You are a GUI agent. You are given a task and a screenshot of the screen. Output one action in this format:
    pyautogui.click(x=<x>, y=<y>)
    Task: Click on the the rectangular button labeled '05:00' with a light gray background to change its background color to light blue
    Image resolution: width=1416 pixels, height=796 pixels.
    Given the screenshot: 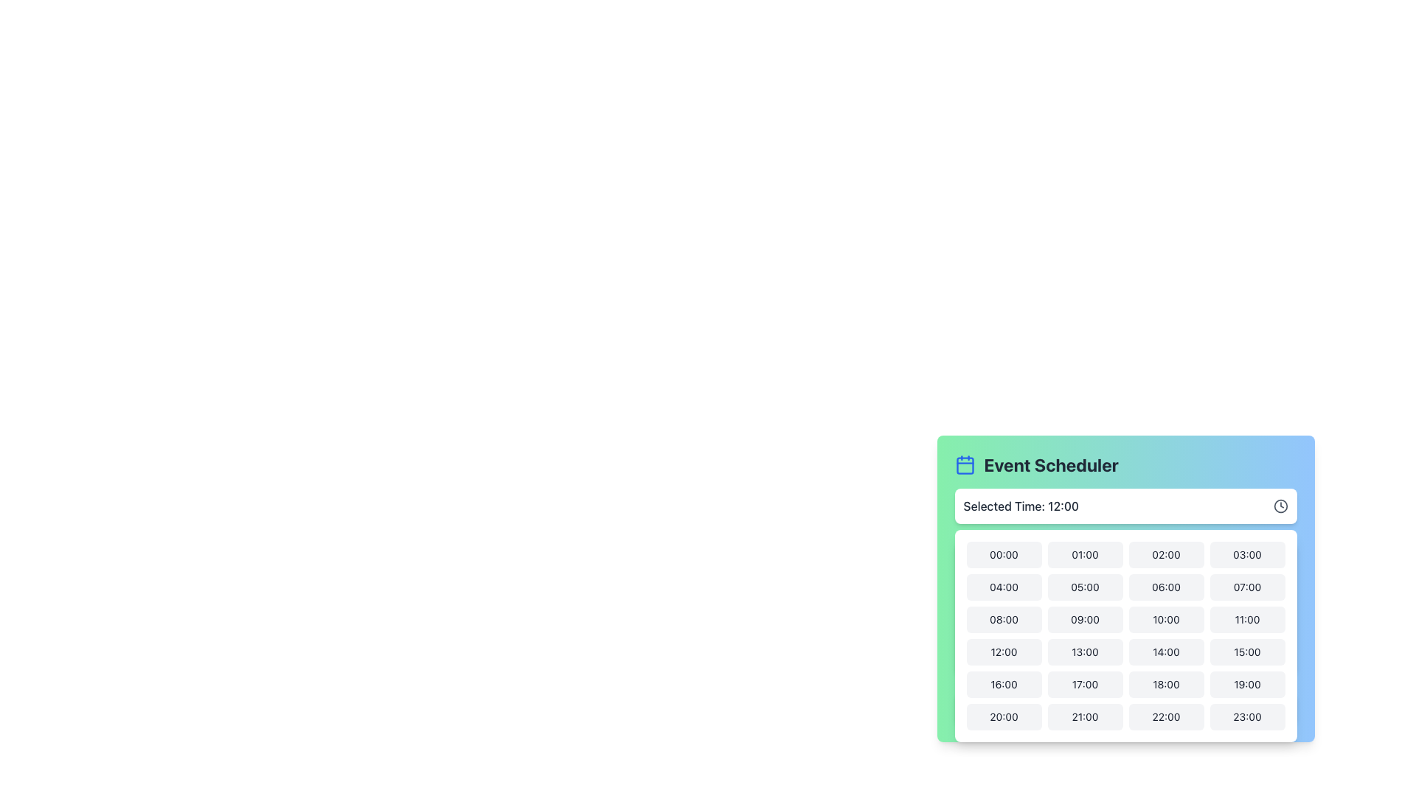 What is the action you would take?
    pyautogui.click(x=1085, y=587)
    